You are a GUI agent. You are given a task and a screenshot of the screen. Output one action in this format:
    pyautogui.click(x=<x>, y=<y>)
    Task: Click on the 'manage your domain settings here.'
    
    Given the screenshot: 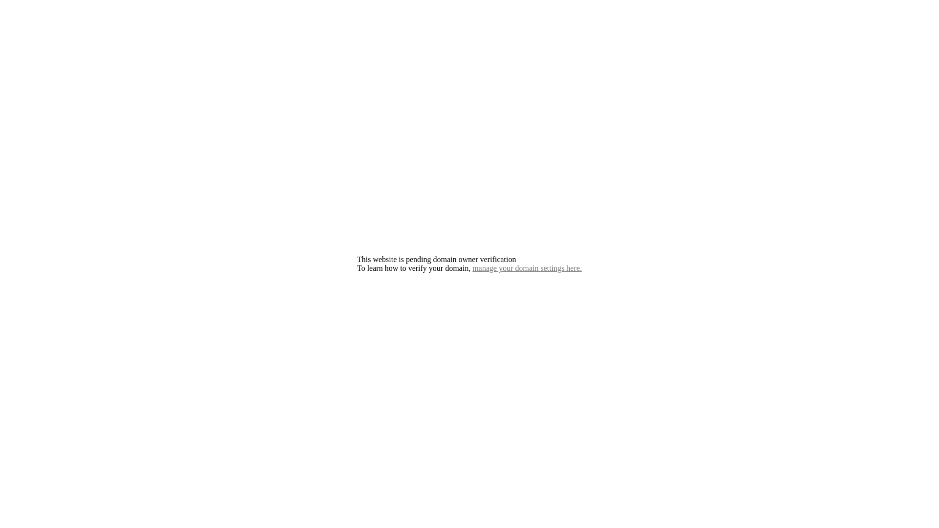 What is the action you would take?
    pyautogui.click(x=527, y=268)
    